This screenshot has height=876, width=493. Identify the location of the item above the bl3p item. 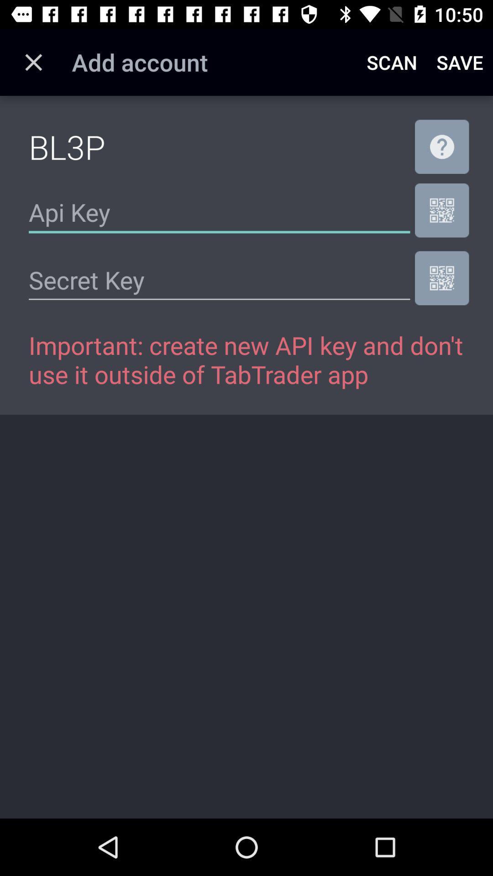
(33, 62).